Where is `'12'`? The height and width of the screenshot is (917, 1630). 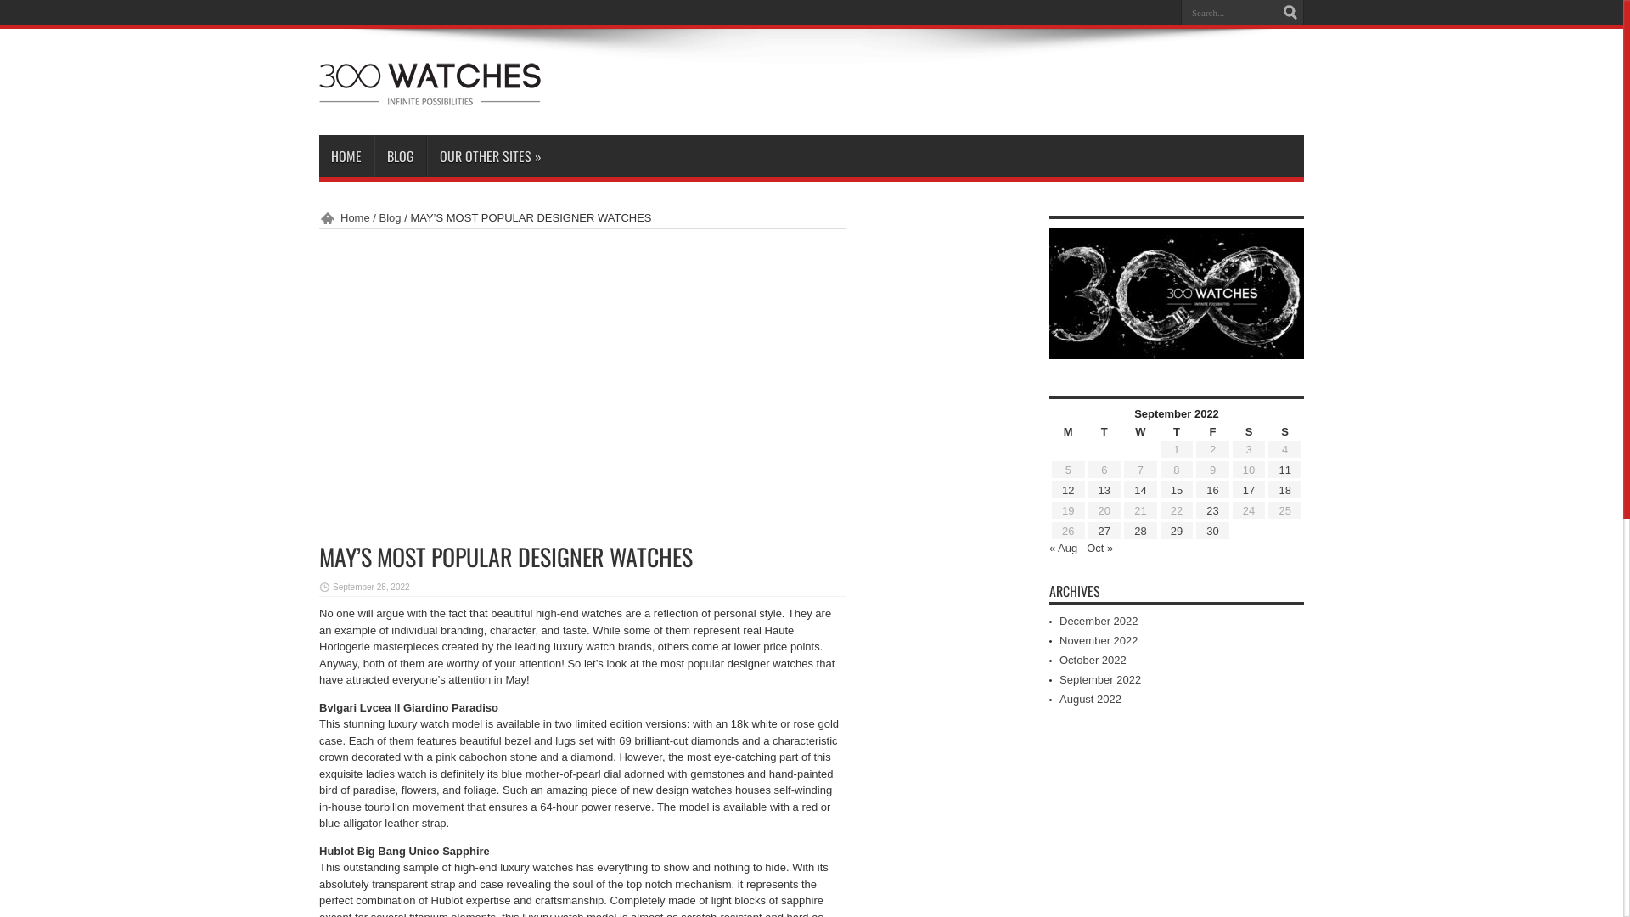
'12' is located at coordinates (1066, 490).